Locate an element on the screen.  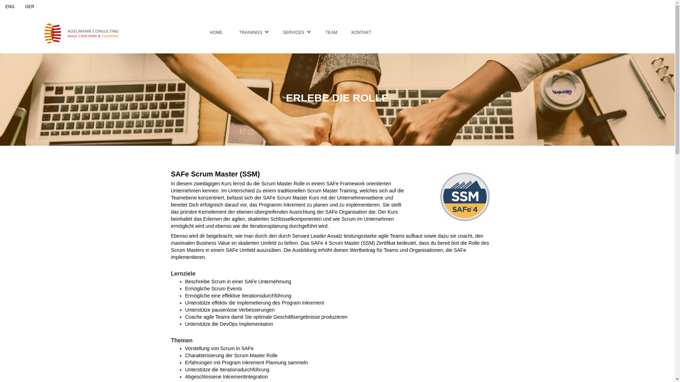
'TEAM' is located at coordinates (331, 33).